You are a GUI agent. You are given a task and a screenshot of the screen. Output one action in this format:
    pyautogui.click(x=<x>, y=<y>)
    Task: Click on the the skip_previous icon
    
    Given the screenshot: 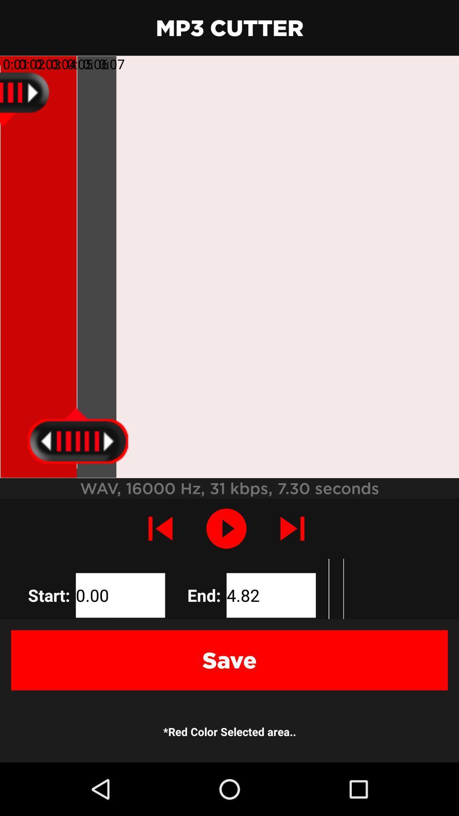 What is the action you would take?
    pyautogui.click(x=160, y=528)
    